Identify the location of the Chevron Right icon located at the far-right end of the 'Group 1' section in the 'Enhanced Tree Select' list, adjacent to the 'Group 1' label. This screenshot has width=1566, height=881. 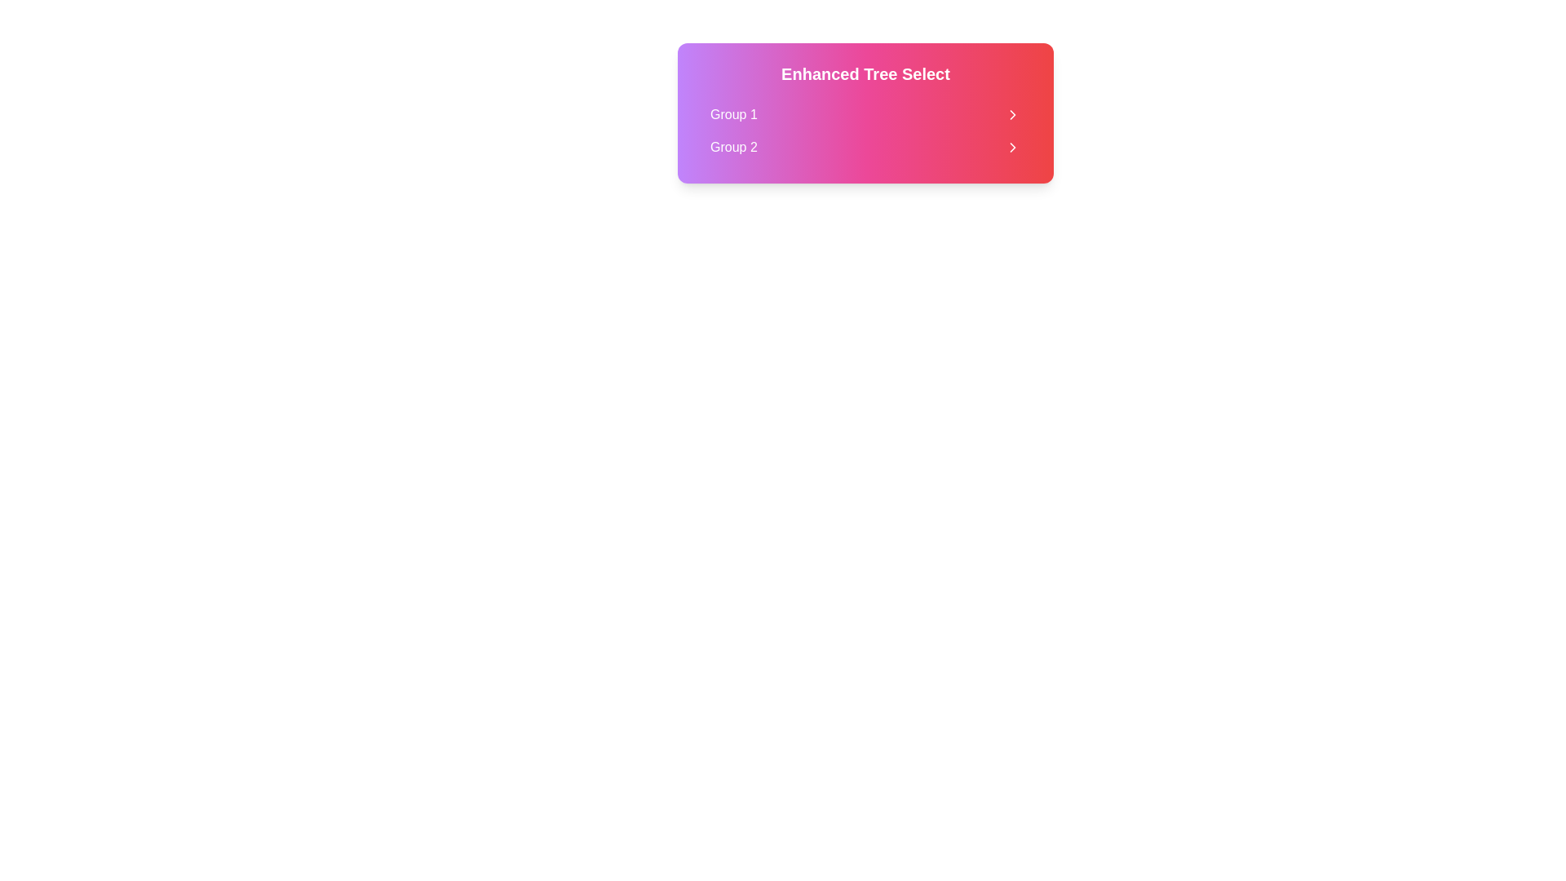
(1012, 114).